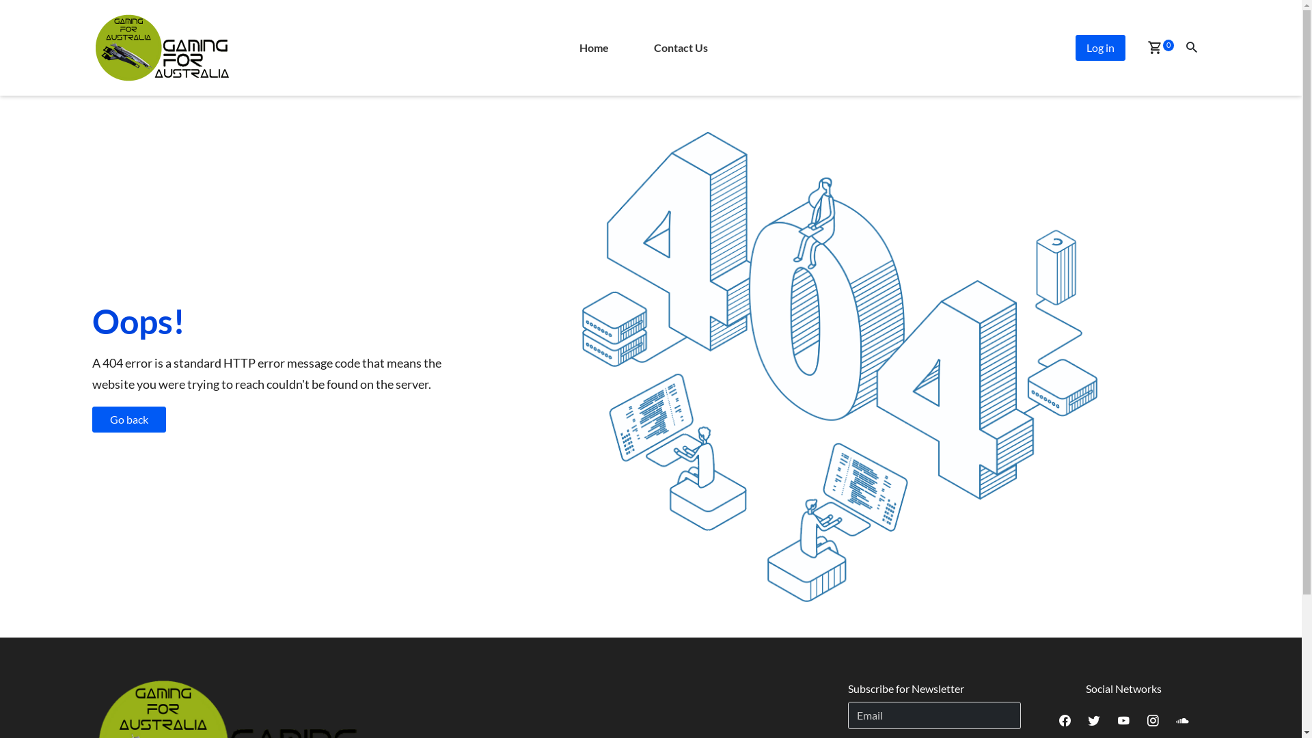 This screenshot has width=1312, height=738. Describe the element at coordinates (128, 418) in the screenshot. I see `'Go back'` at that location.